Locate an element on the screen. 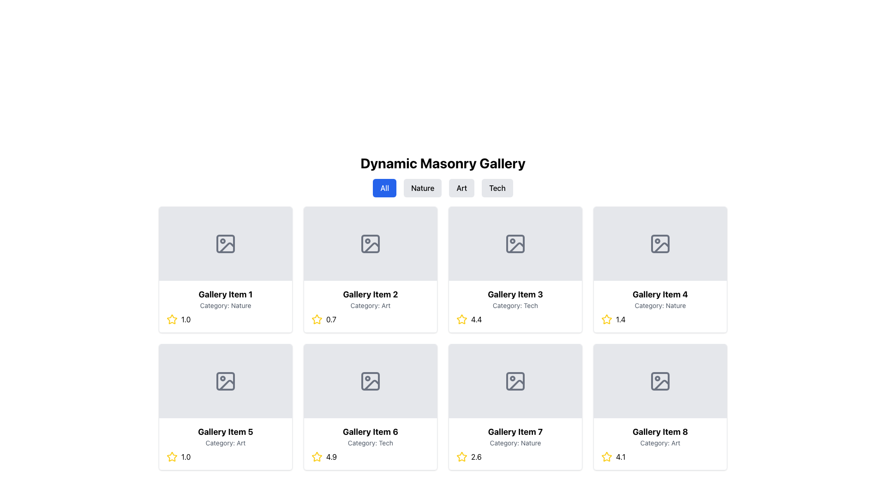 The width and height of the screenshot is (886, 498). text displayed in the bold font labeled 'Gallery Item 1', which is the first line within the card is located at coordinates (226, 295).